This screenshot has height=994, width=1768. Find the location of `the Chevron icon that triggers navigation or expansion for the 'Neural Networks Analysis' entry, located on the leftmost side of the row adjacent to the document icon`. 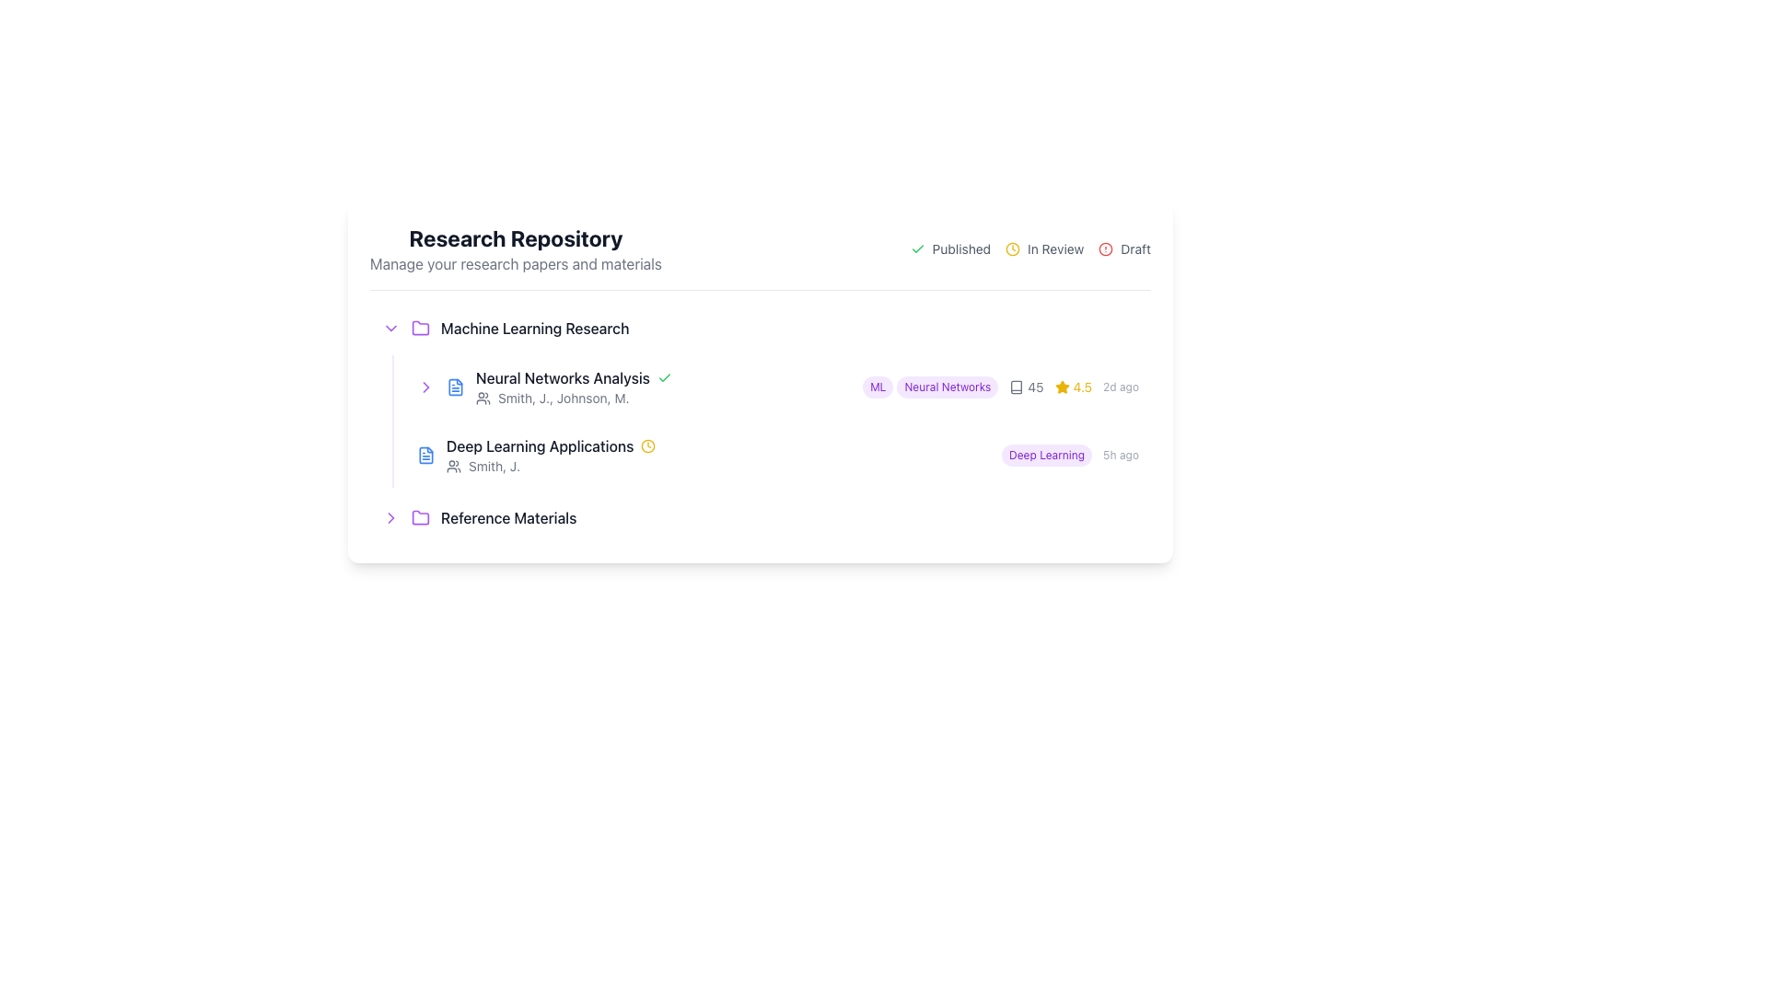

the Chevron icon that triggers navigation or expansion for the 'Neural Networks Analysis' entry, located on the leftmost side of the row adjacent to the document icon is located at coordinates (425, 386).